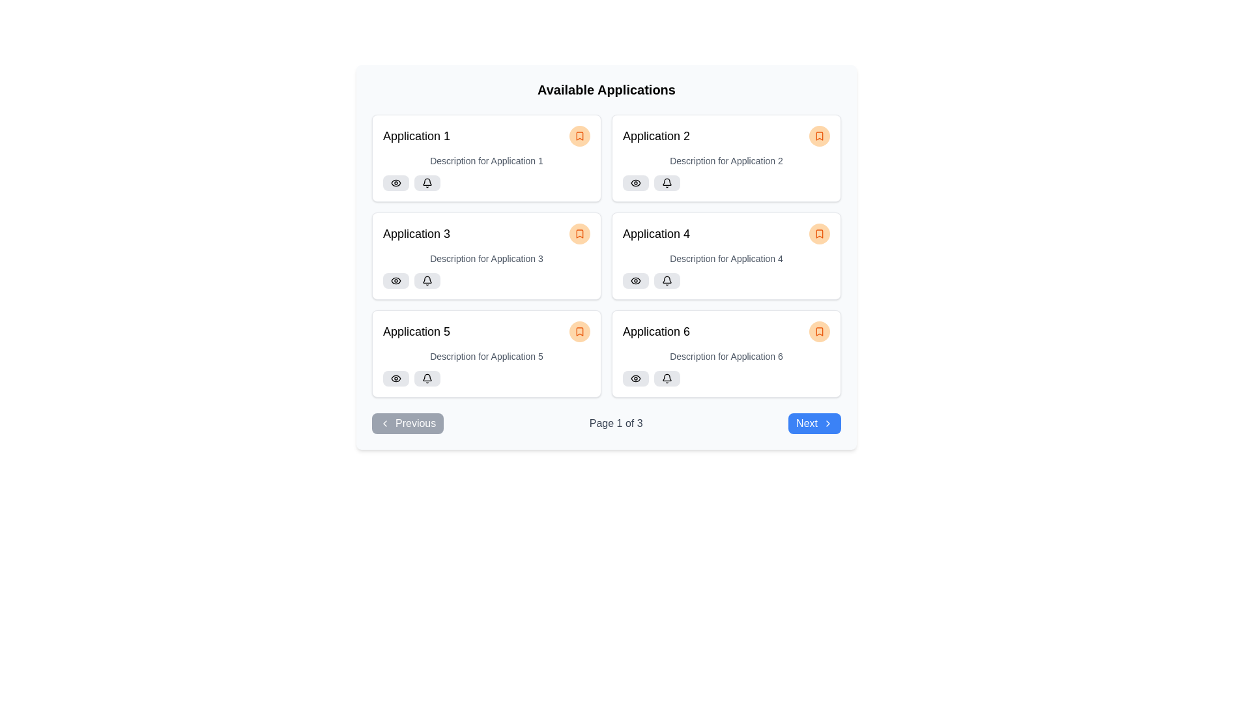 The height and width of the screenshot is (704, 1251). Describe the element at coordinates (395, 379) in the screenshot. I see `the 'eye' or 'view' indicator SVG icon located in the fifth application block under 'Available Applications'` at that location.